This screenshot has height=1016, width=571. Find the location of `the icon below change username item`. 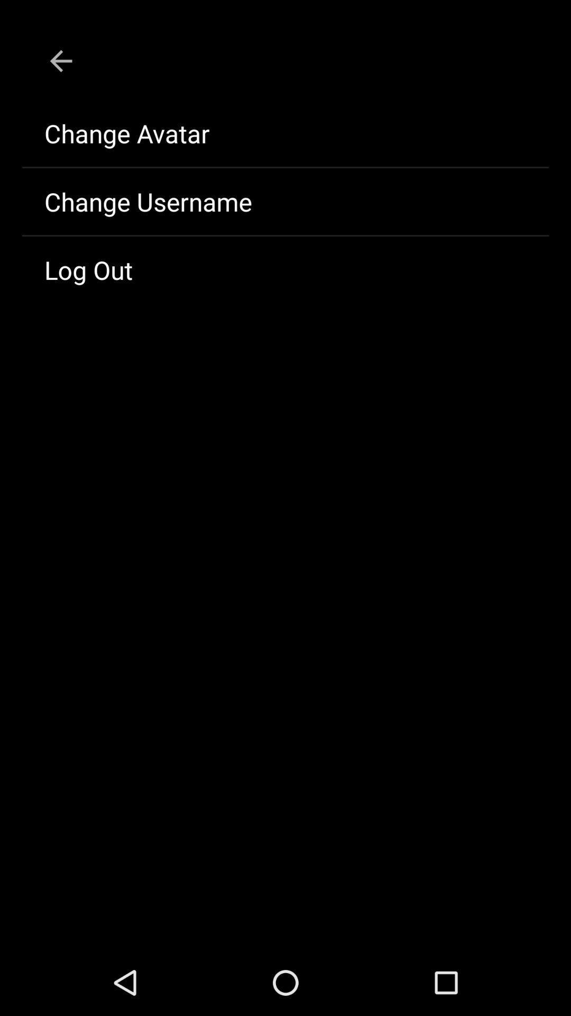

the icon below change username item is located at coordinates (285, 269).